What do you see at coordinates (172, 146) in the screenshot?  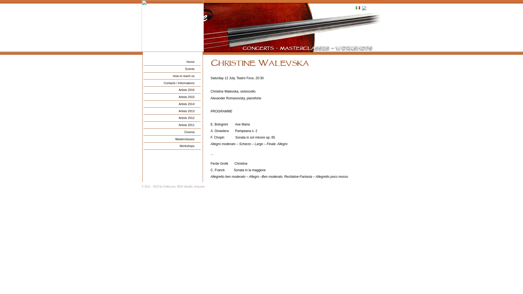 I see `'Workshops'` at bounding box center [172, 146].